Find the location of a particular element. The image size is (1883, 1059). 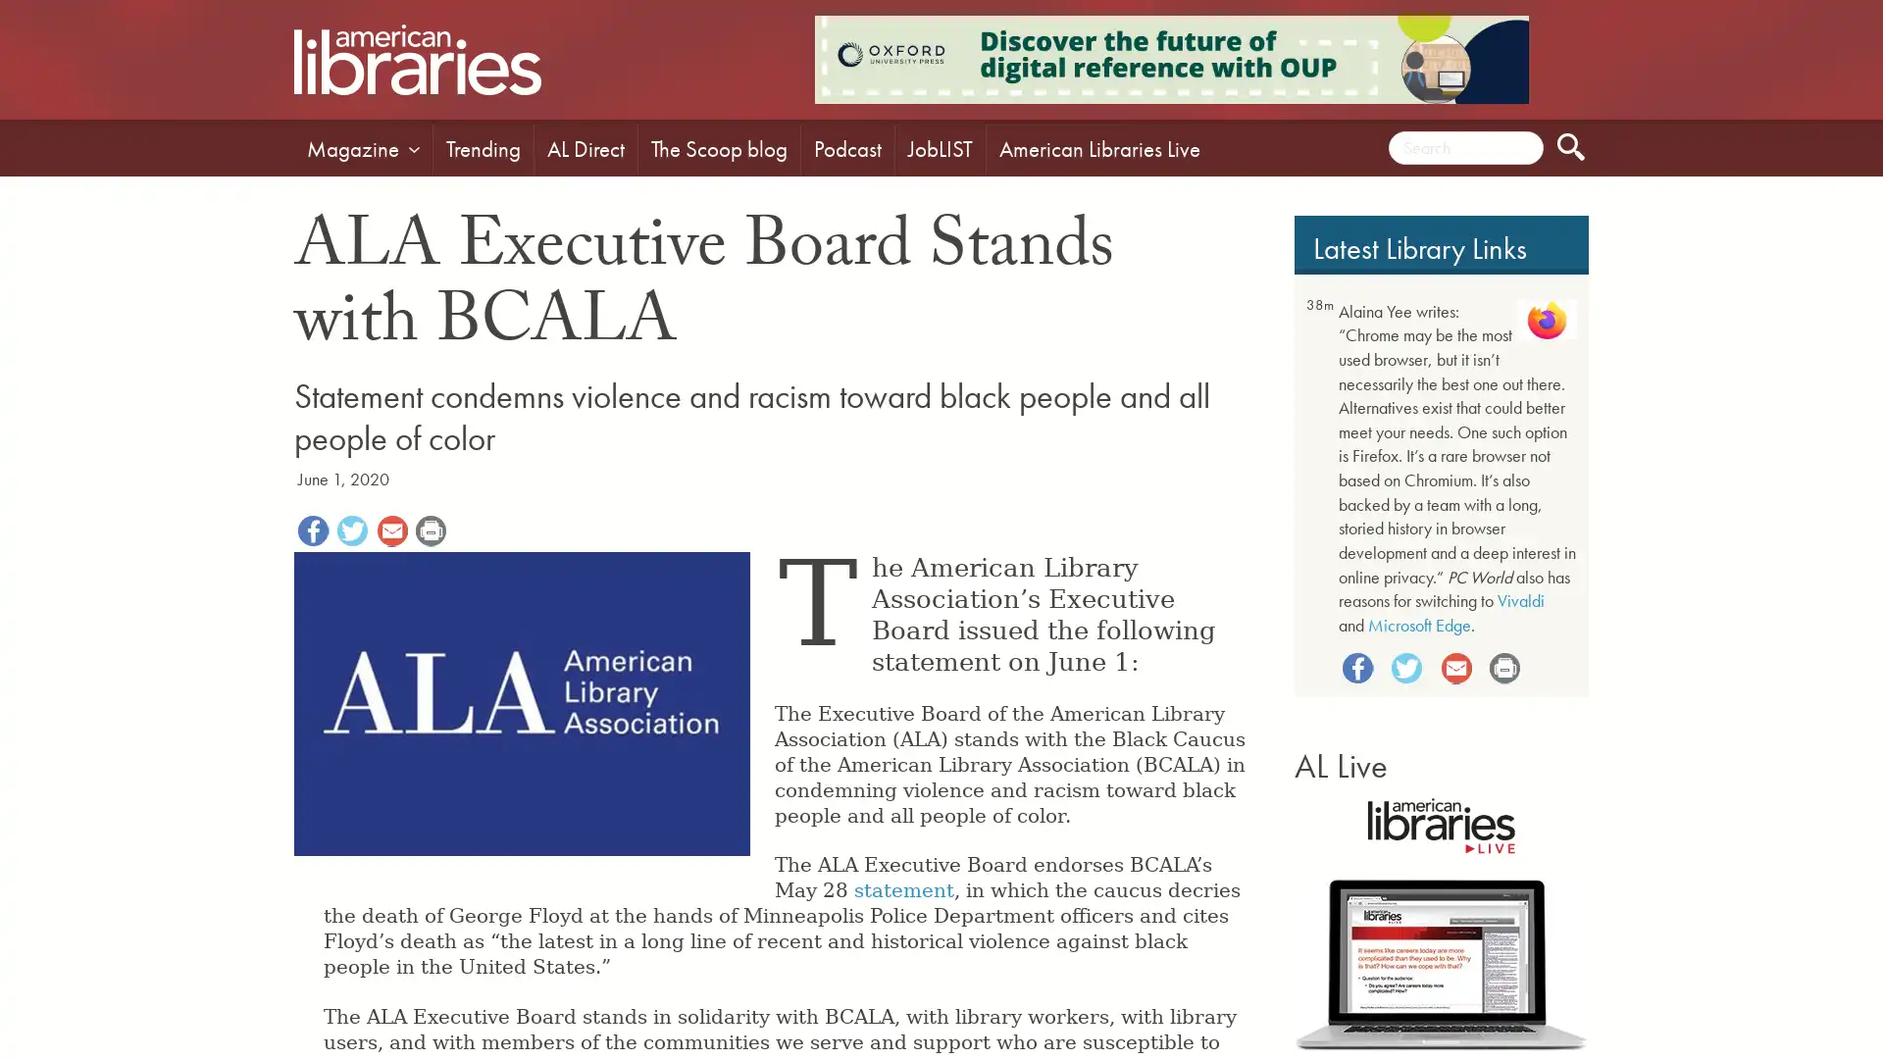

Search is located at coordinates (1571, 146).